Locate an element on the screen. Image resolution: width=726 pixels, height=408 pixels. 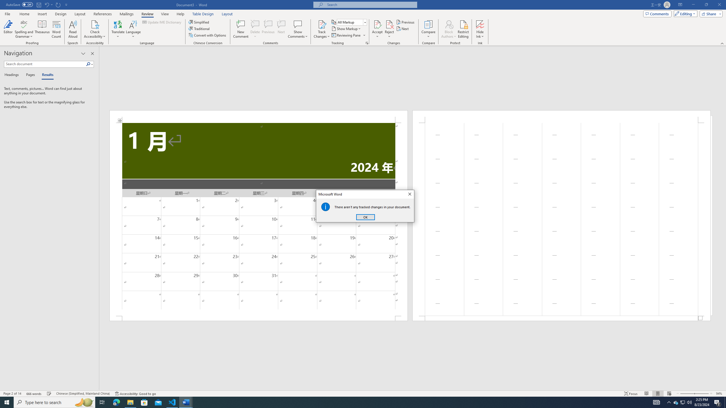
'Display for Review' is located at coordinates (351, 22).